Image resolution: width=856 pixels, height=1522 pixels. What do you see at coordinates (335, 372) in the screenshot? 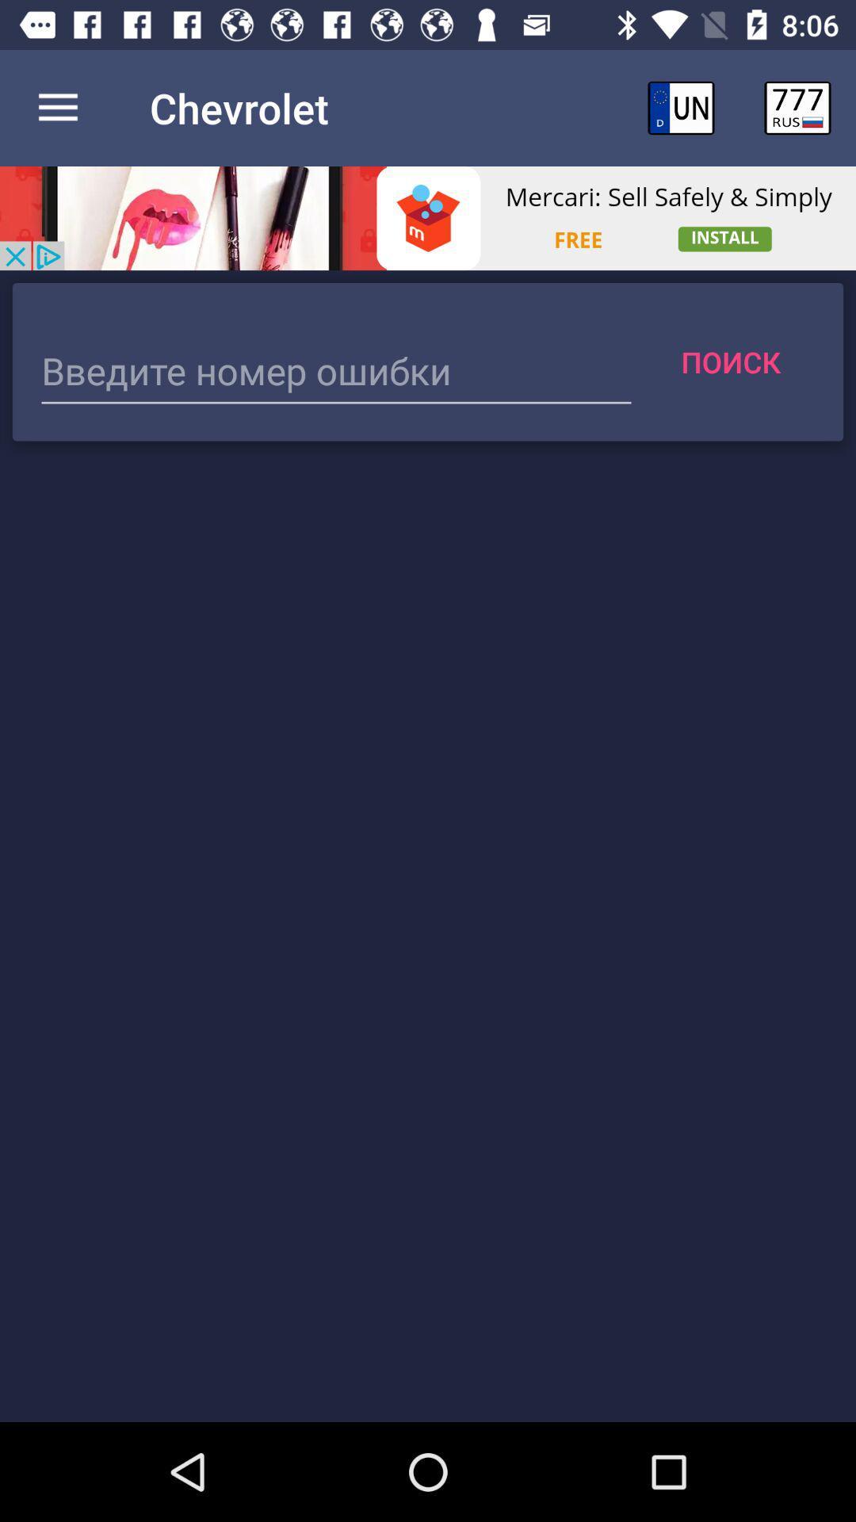
I see `text the line` at bounding box center [335, 372].